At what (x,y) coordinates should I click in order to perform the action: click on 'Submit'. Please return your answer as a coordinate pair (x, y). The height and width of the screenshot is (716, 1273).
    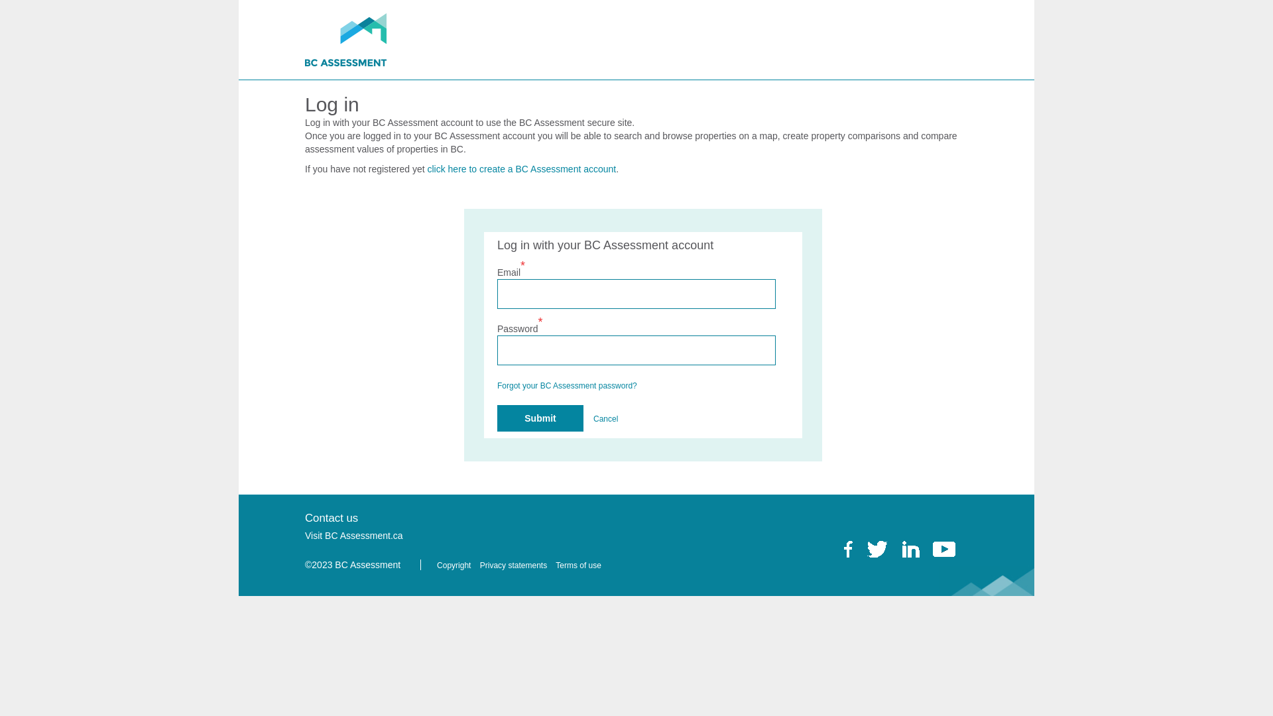
    Looking at the image, I should click on (540, 418).